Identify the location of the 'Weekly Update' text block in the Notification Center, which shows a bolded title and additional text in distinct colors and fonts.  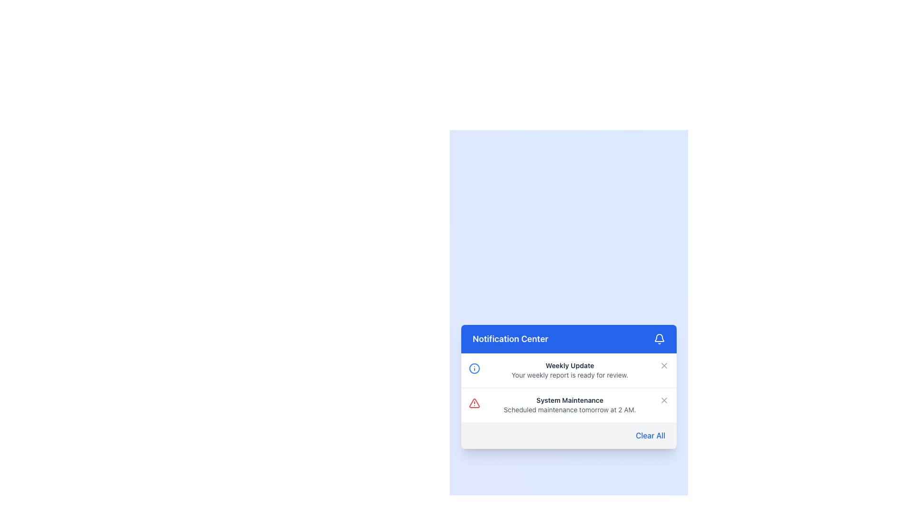
(570, 370).